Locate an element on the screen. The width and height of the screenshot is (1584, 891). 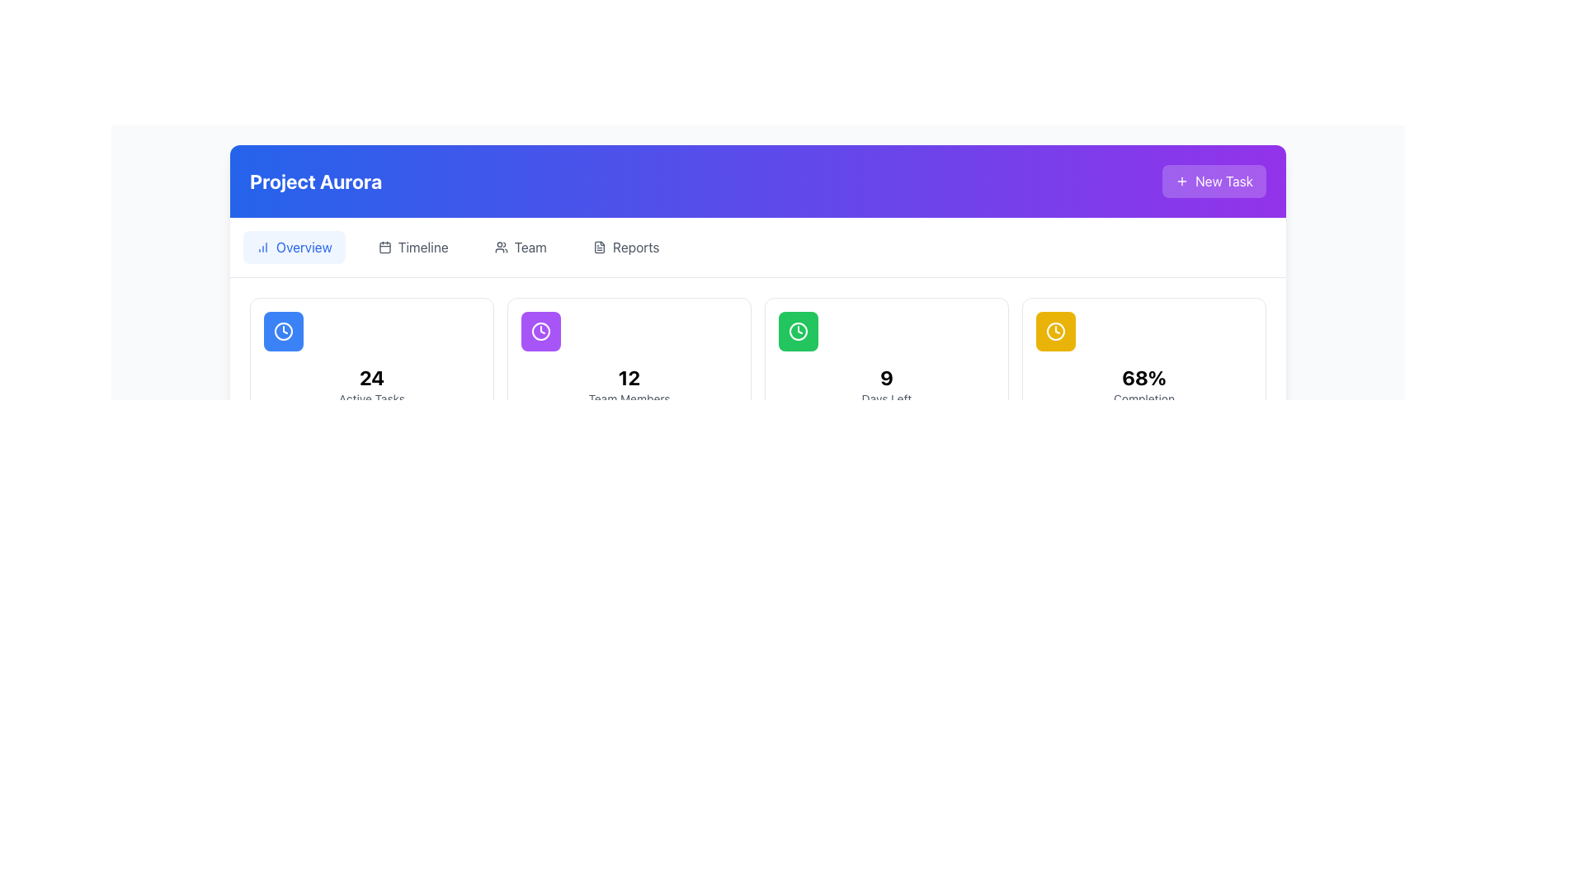
the circular blue icon with a white clock symbol inside, which represents time or activity, located at the top-left corner of the '24 Active Tasks' card is located at coordinates (284, 331).